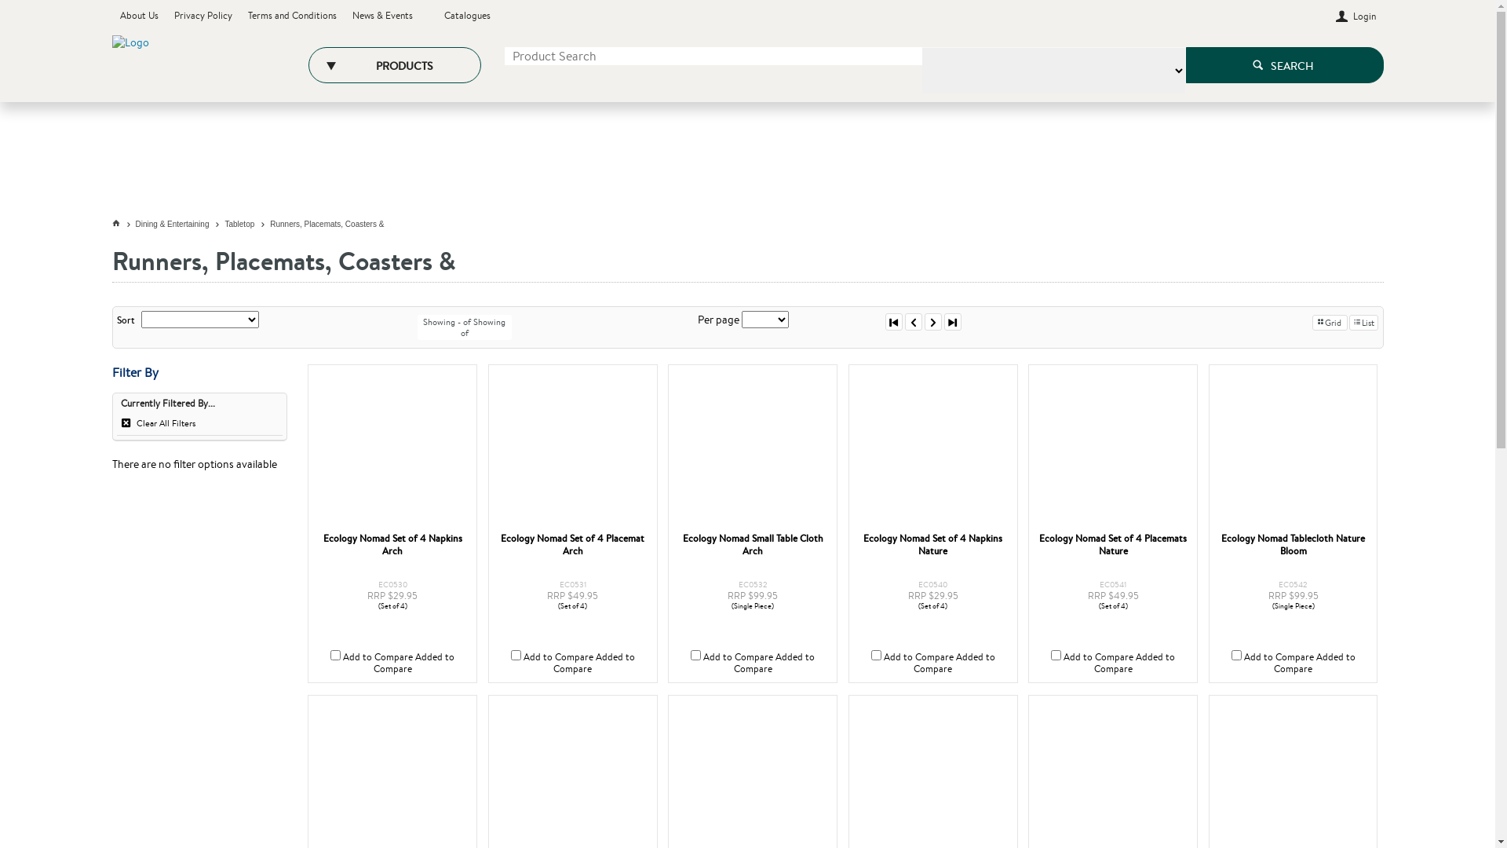  I want to click on 'Add to Compare', so click(737, 656).